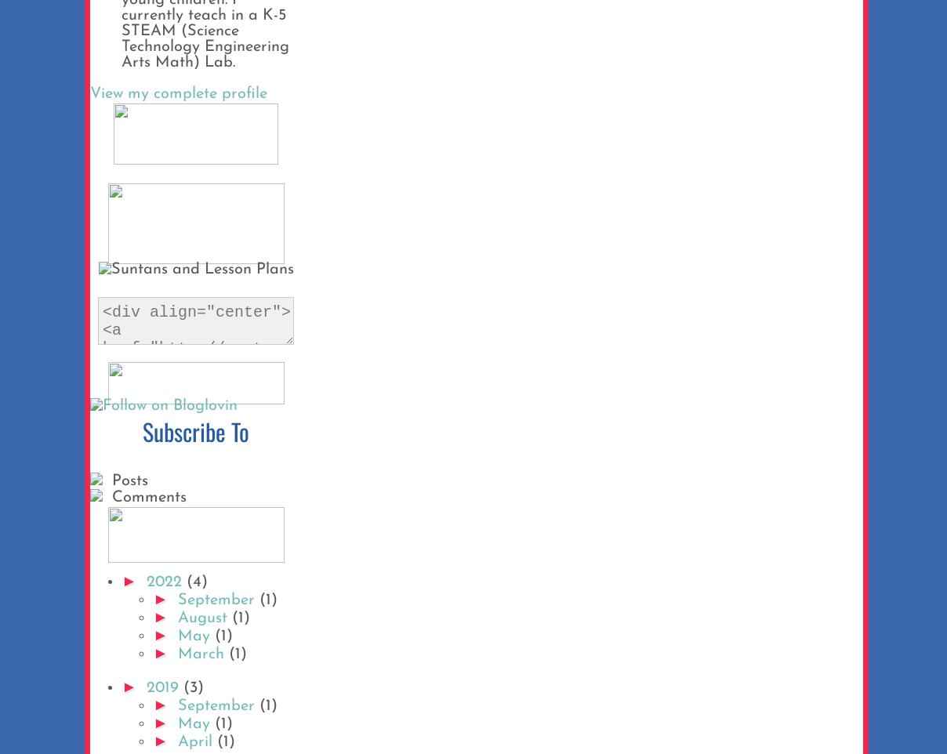 Image resolution: width=947 pixels, height=754 pixels. I want to click on '(3)', so click(192, 687).